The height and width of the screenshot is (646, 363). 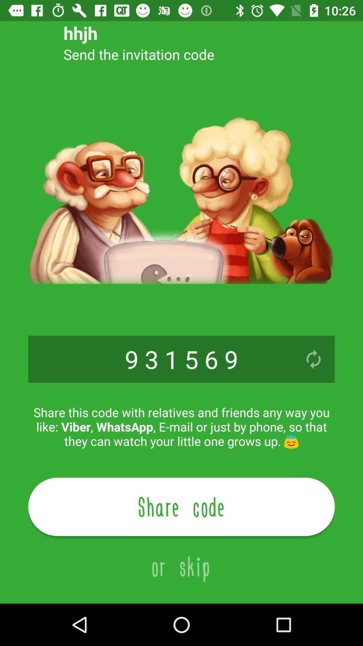 I want to click on the icon above the share this code icon, so click(x=314, y=359).